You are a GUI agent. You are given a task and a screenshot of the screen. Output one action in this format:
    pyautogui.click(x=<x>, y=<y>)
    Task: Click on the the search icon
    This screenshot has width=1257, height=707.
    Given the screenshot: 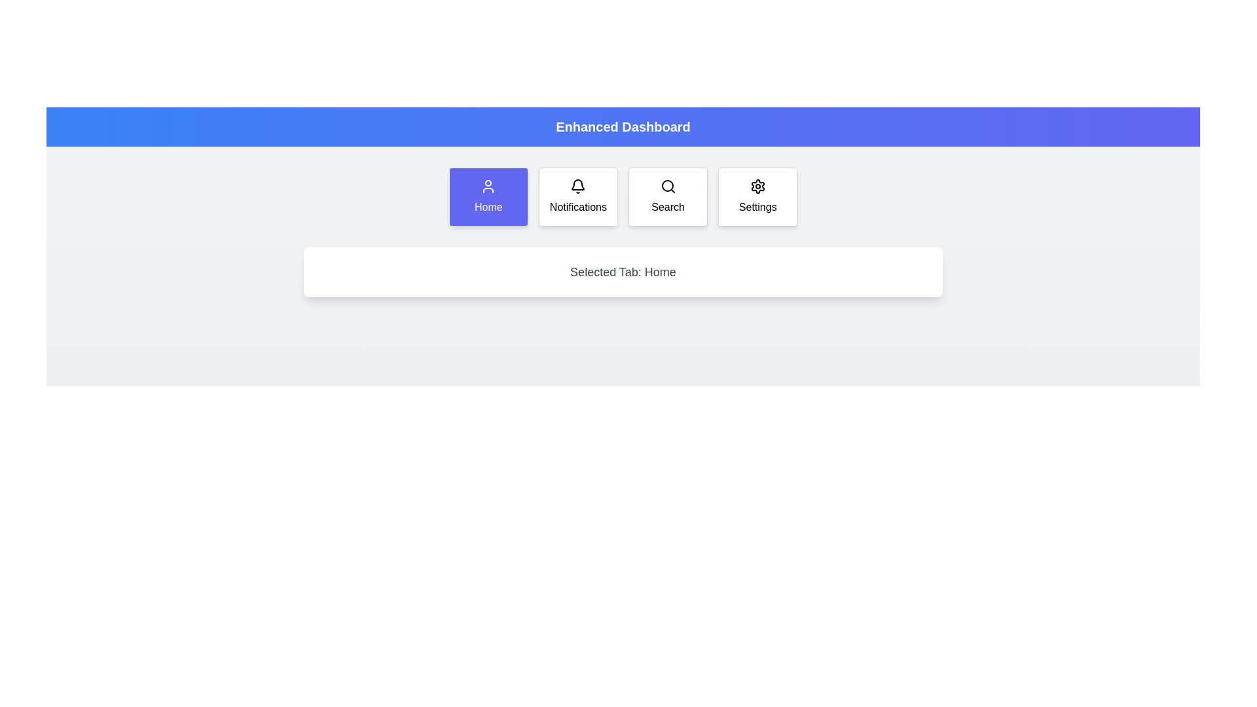 What is the action you would take?
    pyautogui.click(x=668, y=187)
    